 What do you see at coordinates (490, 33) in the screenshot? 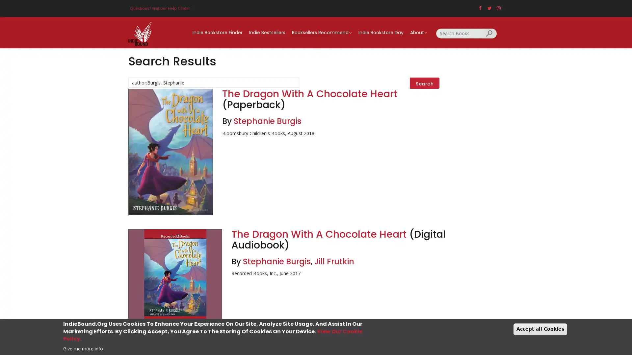
I see `Search` at bounding box center [490, 33].